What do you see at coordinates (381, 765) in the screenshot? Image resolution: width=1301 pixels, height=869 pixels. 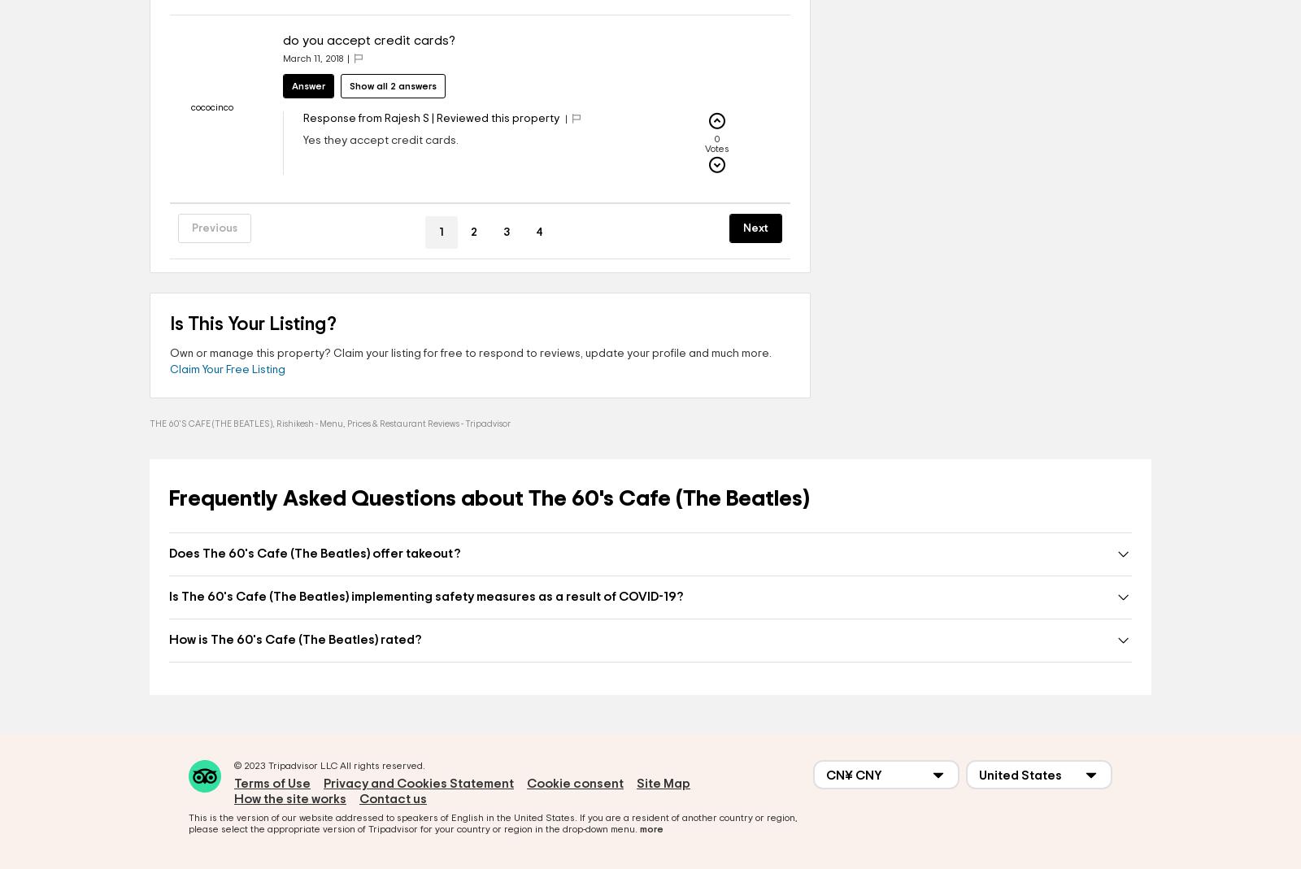 I see `'All rights reserved.'` at bounding box center [381, 765].